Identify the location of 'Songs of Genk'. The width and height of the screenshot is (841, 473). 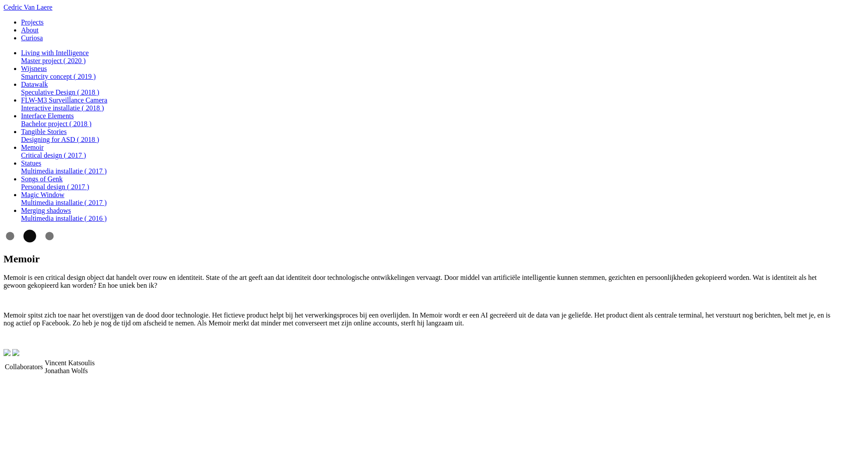
(41, 178).